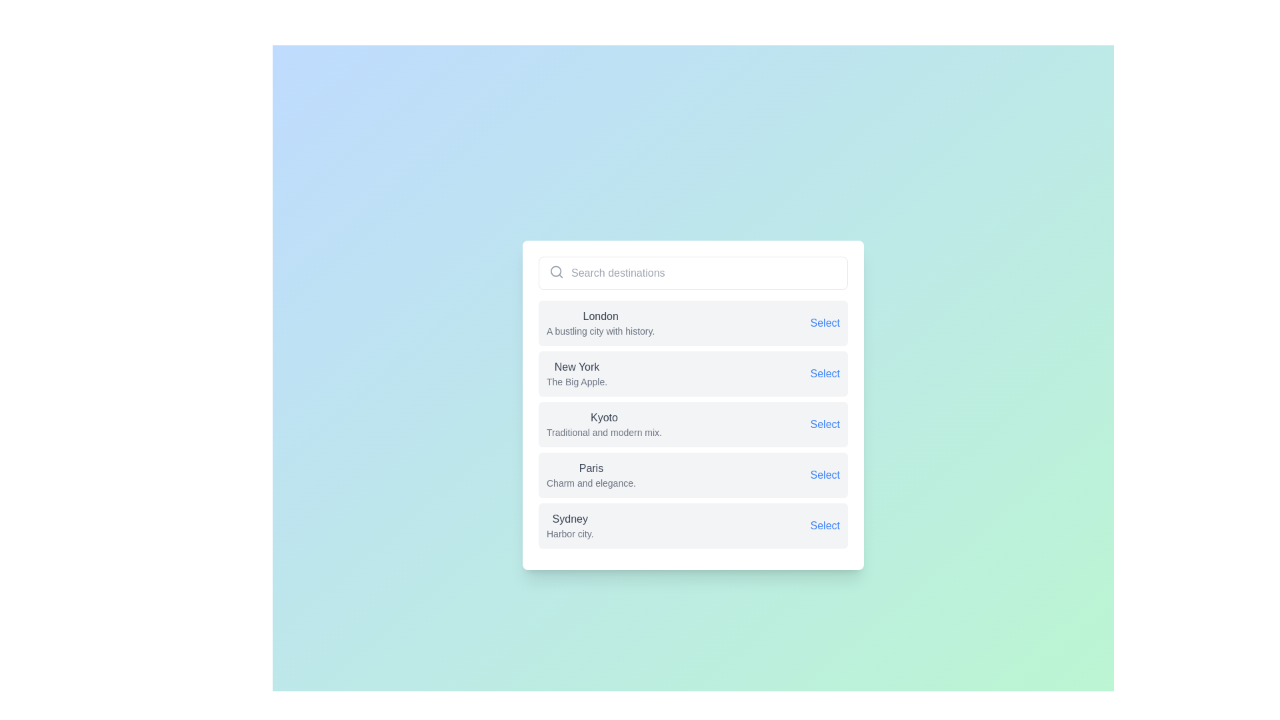 The width and height of the screenshot is (1280, 720). What do you see at coordinates (577, 373) in the screenshot?
I see `the Text label providing information about the city 'New York' located in the second item of a list-like structure in the central portion of the interface` at bounding box center [577, 373].